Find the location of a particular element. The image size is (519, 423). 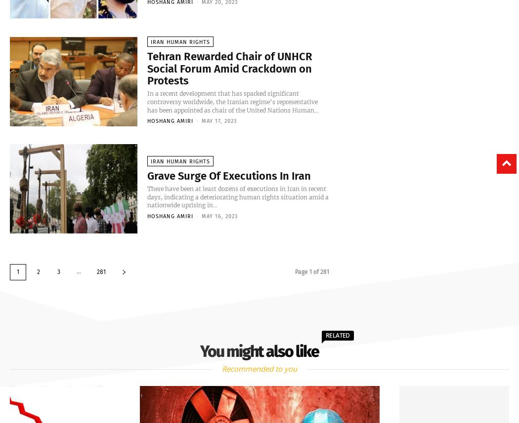

'1' is located at coordinates (18, 271).